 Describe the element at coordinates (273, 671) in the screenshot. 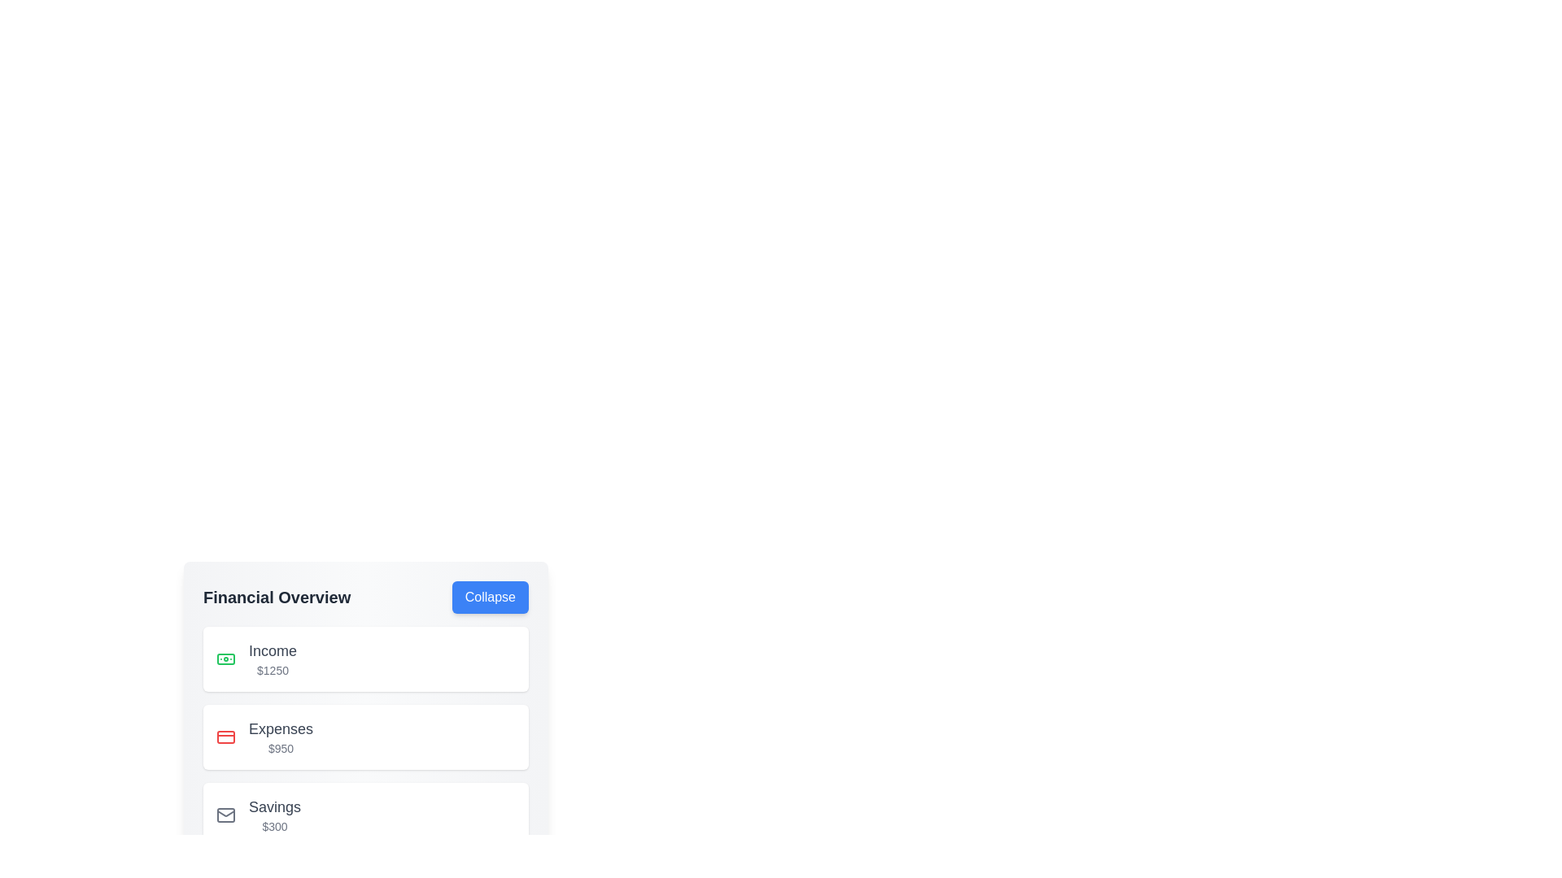

I see `the text label displaying the monetary value '$1250' located just below the 'Income' label in the 'Financial Overview' section` at that location.